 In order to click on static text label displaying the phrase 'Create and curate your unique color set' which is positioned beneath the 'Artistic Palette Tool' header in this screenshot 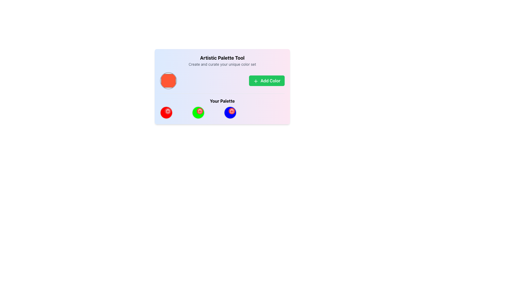, I will do `click(222, 64)`.